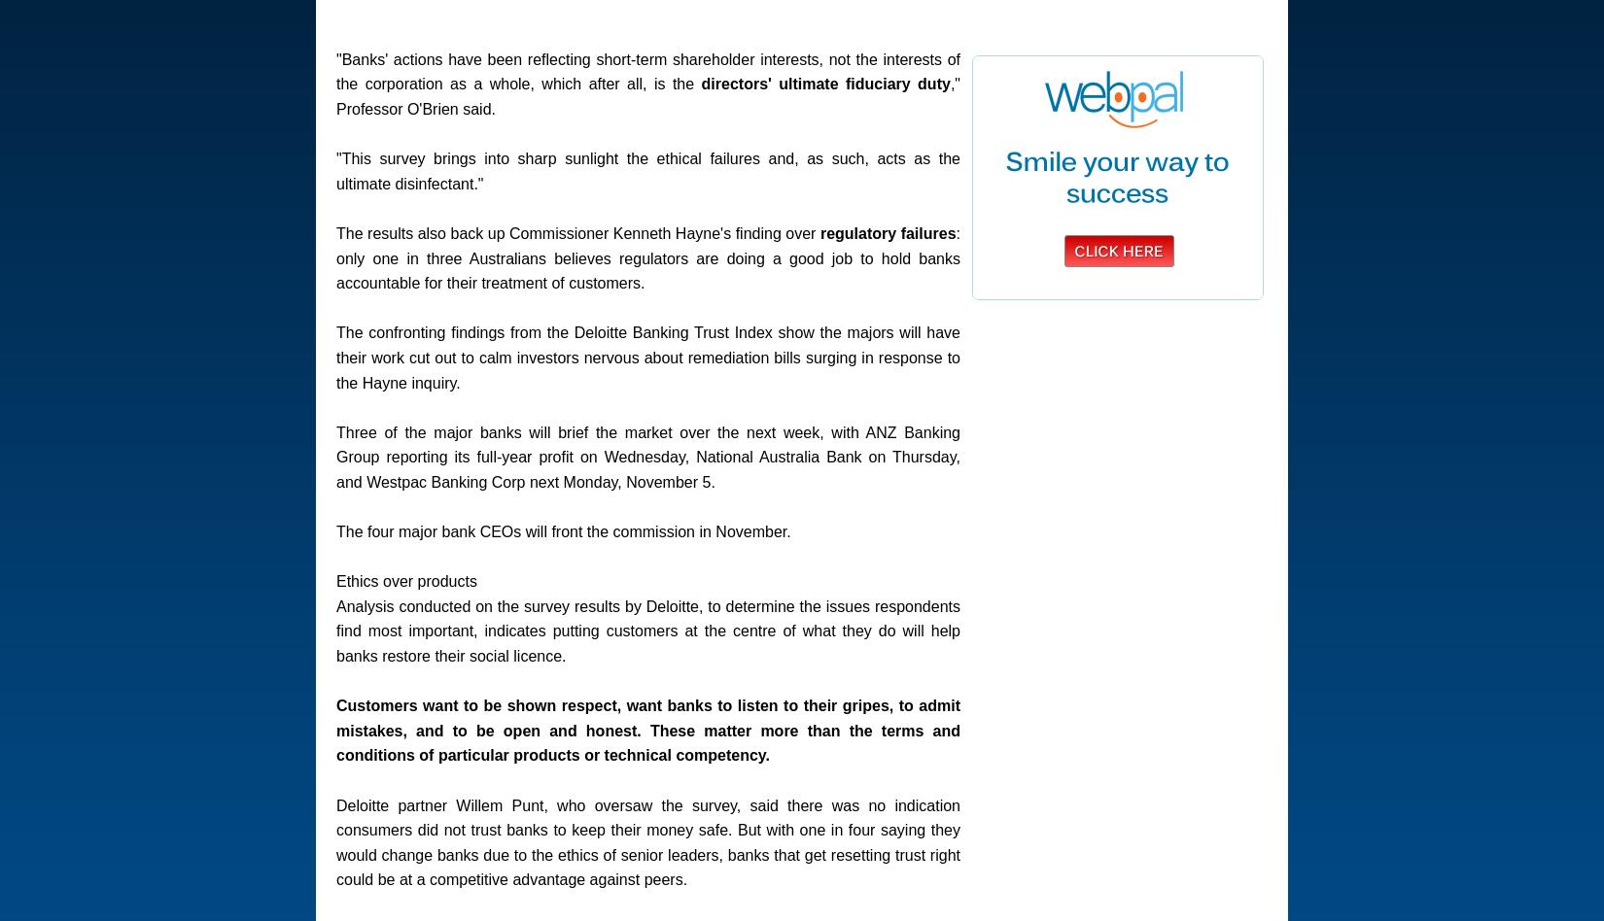 Image resolution: width=1604 pixels, height=921 pixels. I want to click on '," Professor O'Brien said.', so click(646, 96).